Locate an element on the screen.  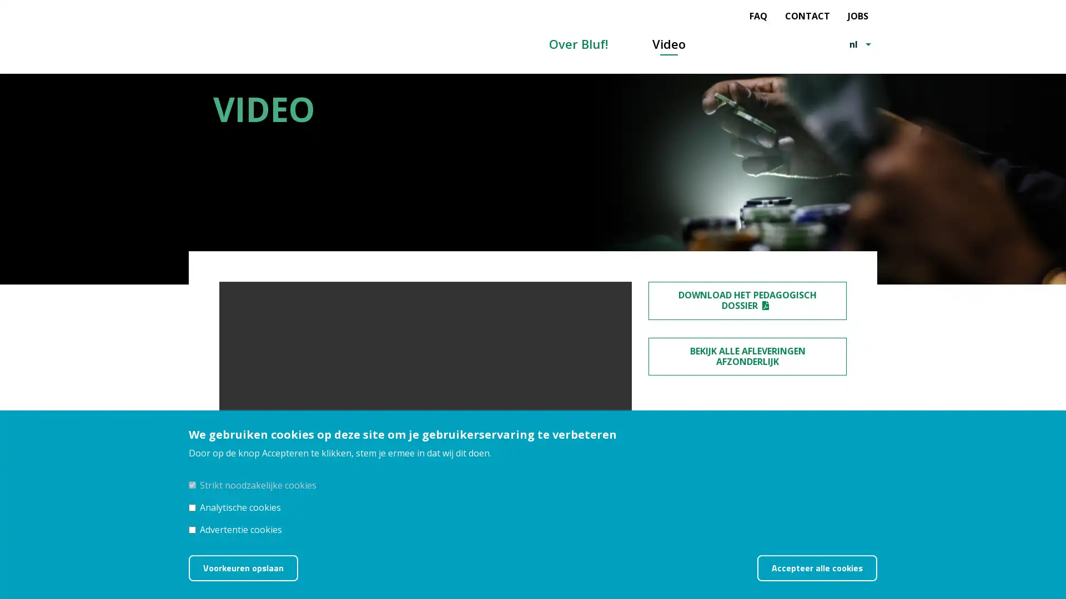
mute is located at coordinates (565, 460).